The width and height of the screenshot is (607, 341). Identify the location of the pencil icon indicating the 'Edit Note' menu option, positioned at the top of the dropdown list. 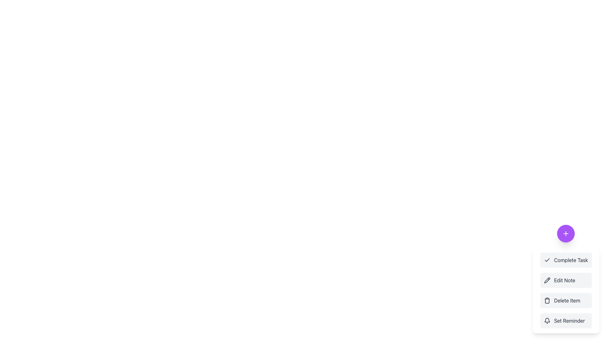
(547, 280).